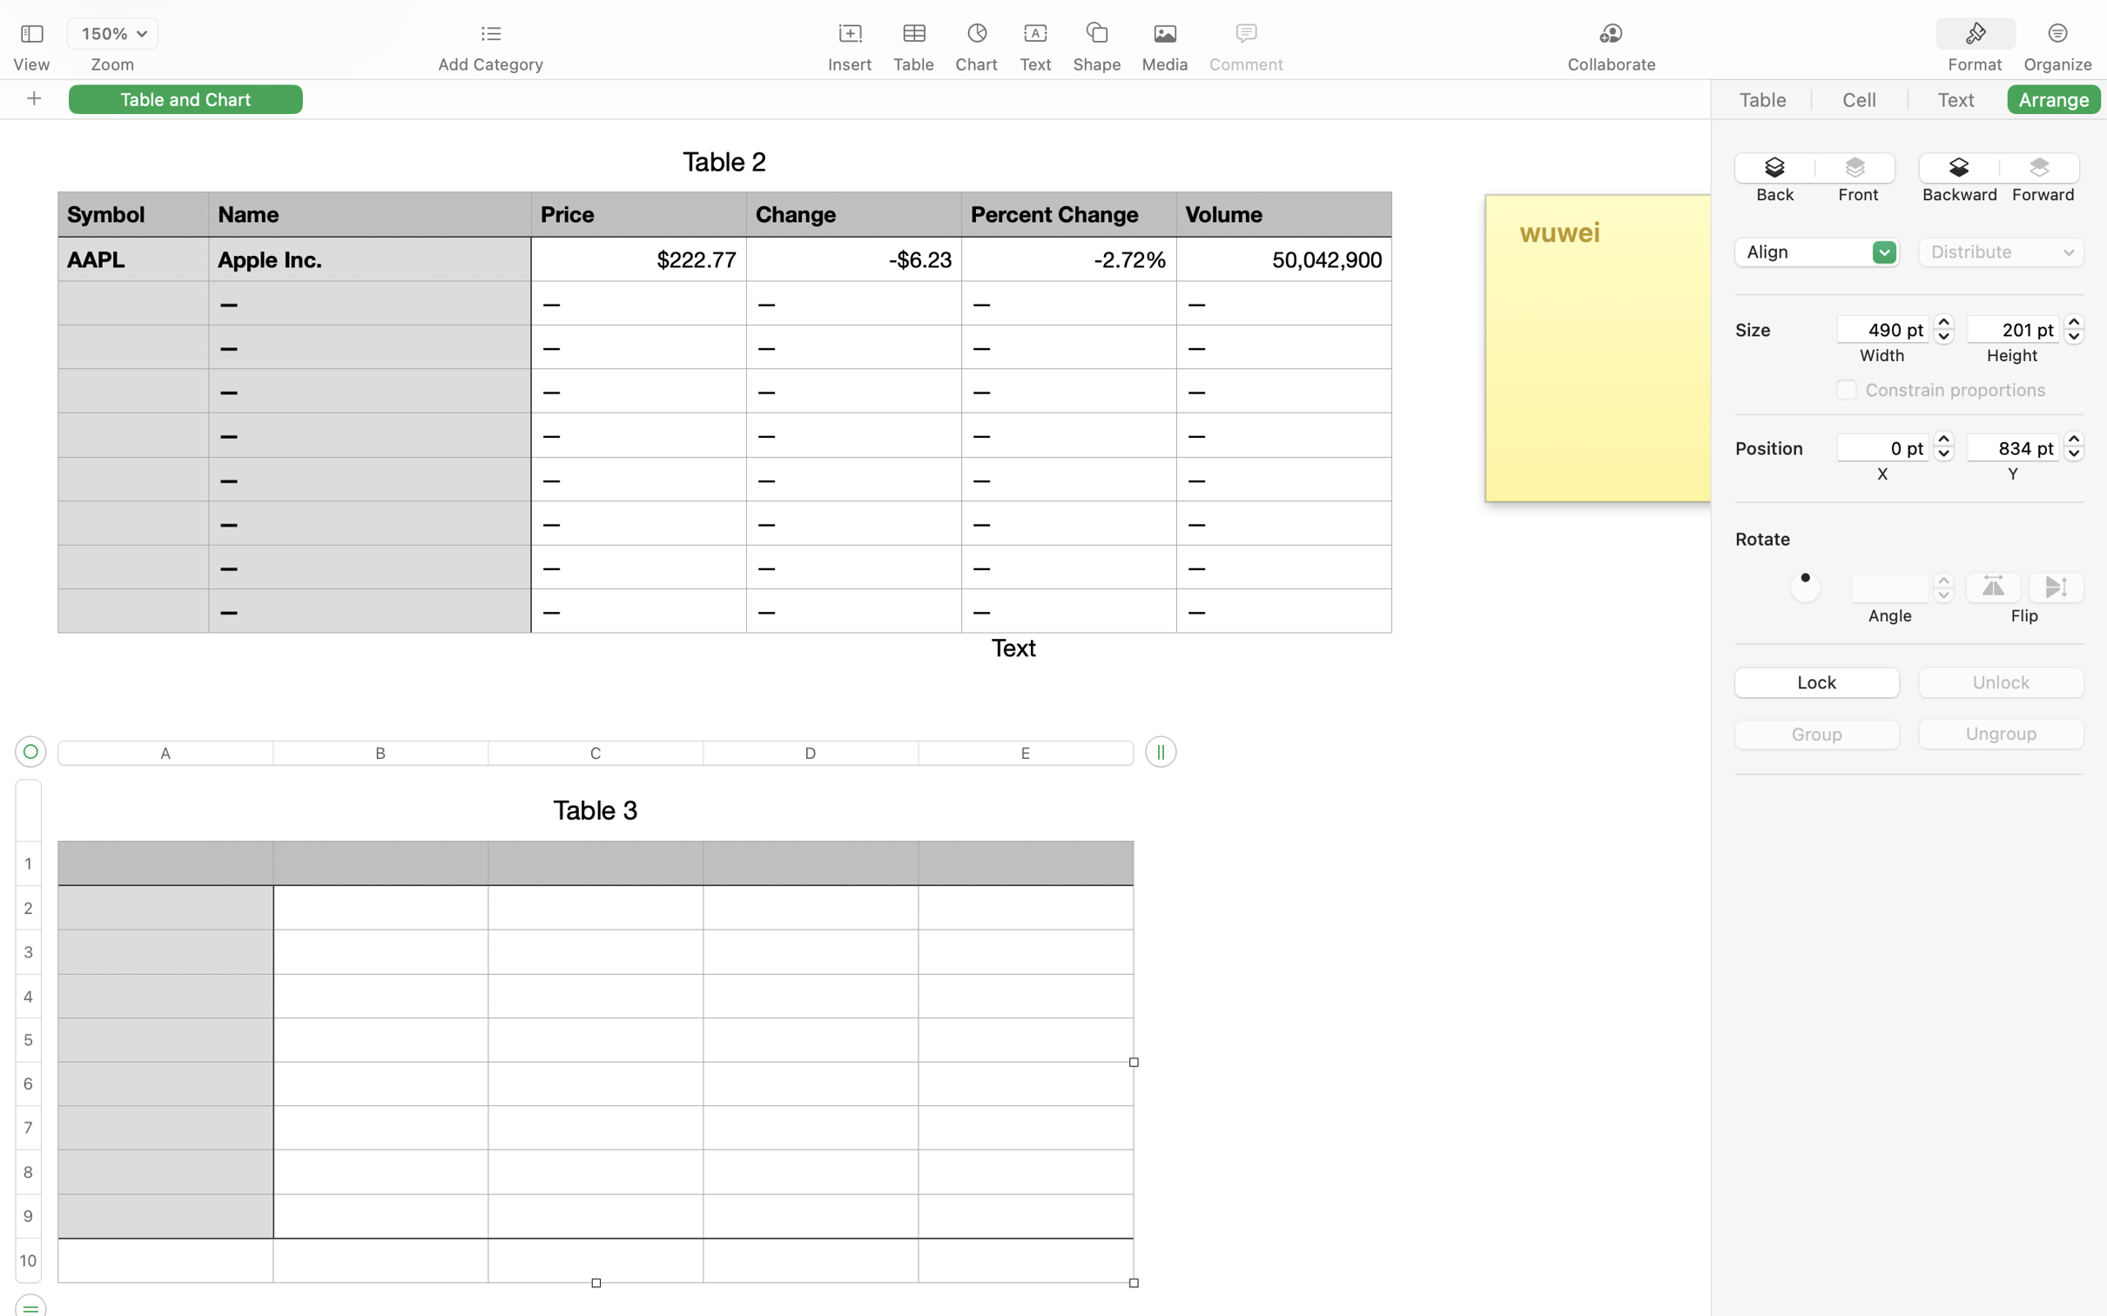  Describe the element at coordinates (1882, 473) in the screenshot. I see `'X'` at that location.